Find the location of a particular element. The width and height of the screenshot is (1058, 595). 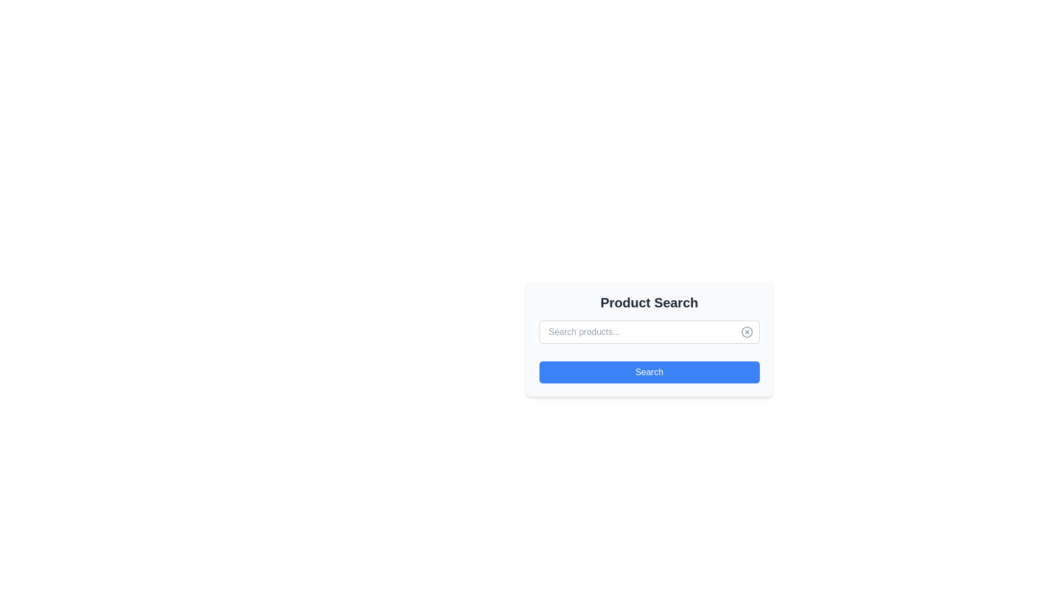

the descriptive heading text (h2 or h3 equivalent) at the top of the search tool card, which serves to indicate its purpose is located at coordinates (649, 303).